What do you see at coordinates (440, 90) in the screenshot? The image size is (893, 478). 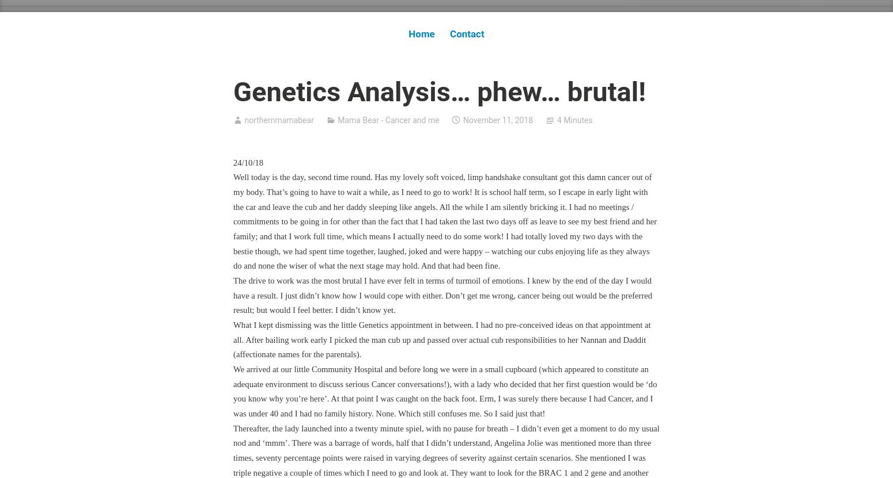 I see `'Genetics Analysis… phew… brutal!'` at bounding box center [440, 90].